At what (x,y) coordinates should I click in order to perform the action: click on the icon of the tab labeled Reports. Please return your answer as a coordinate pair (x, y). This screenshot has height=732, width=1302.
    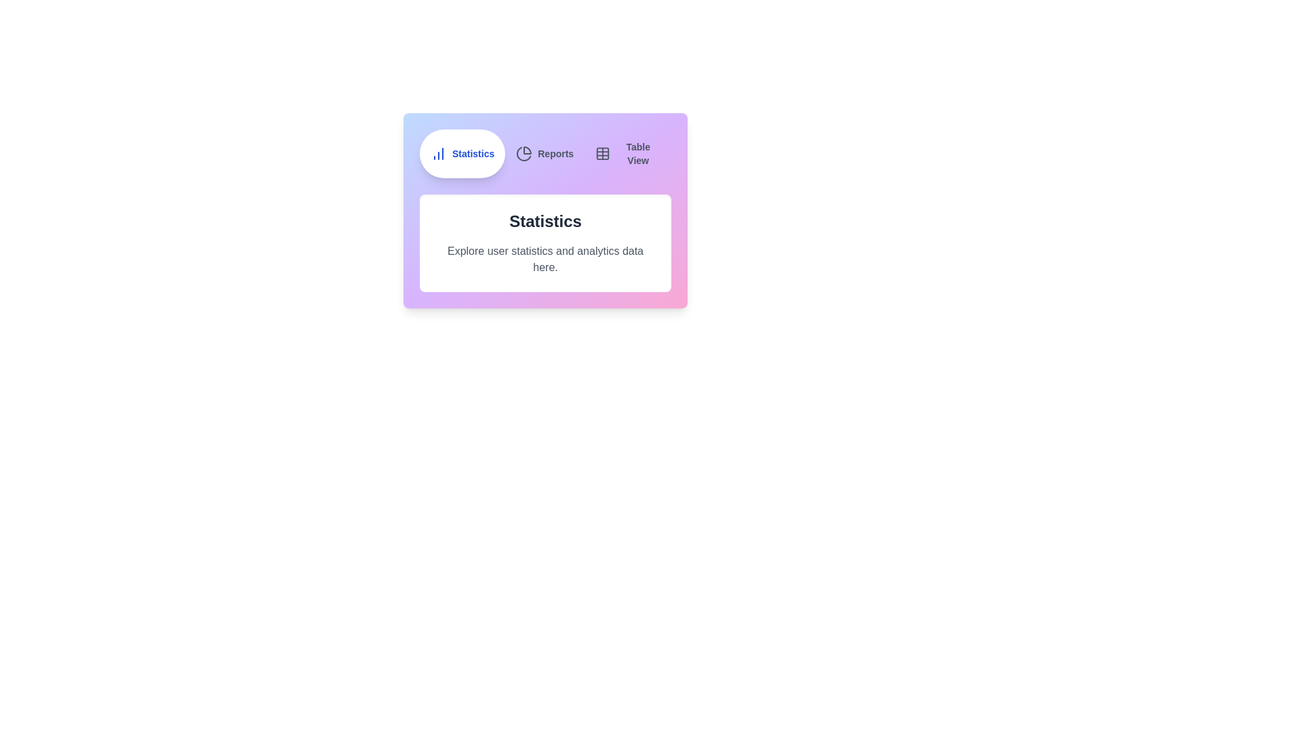
    Looking at the image, I should click on (523, 153).